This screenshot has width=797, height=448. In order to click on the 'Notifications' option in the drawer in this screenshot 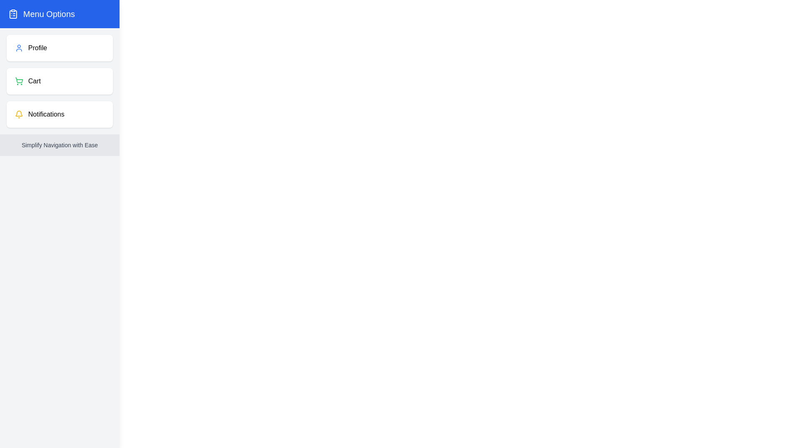, I will do `click(59, 114)`.